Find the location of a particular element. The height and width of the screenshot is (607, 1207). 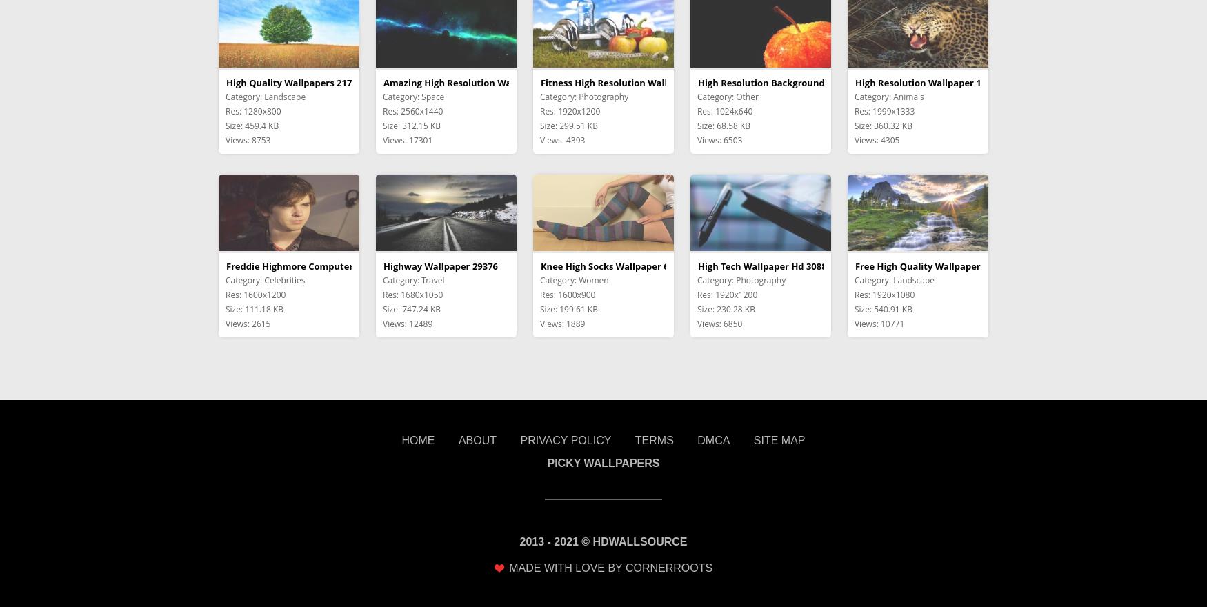

'Views: 4305' is located at coordinates (876, 139).